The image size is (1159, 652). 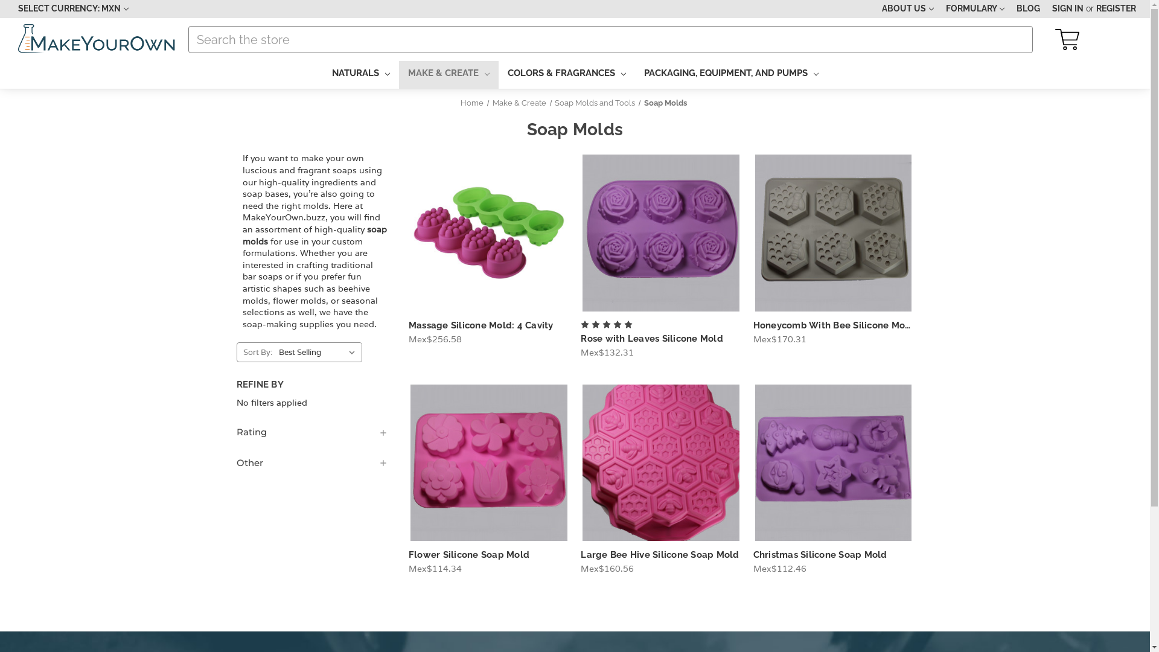 I want to click on 'NATURALS', so click(x=359, y=74).